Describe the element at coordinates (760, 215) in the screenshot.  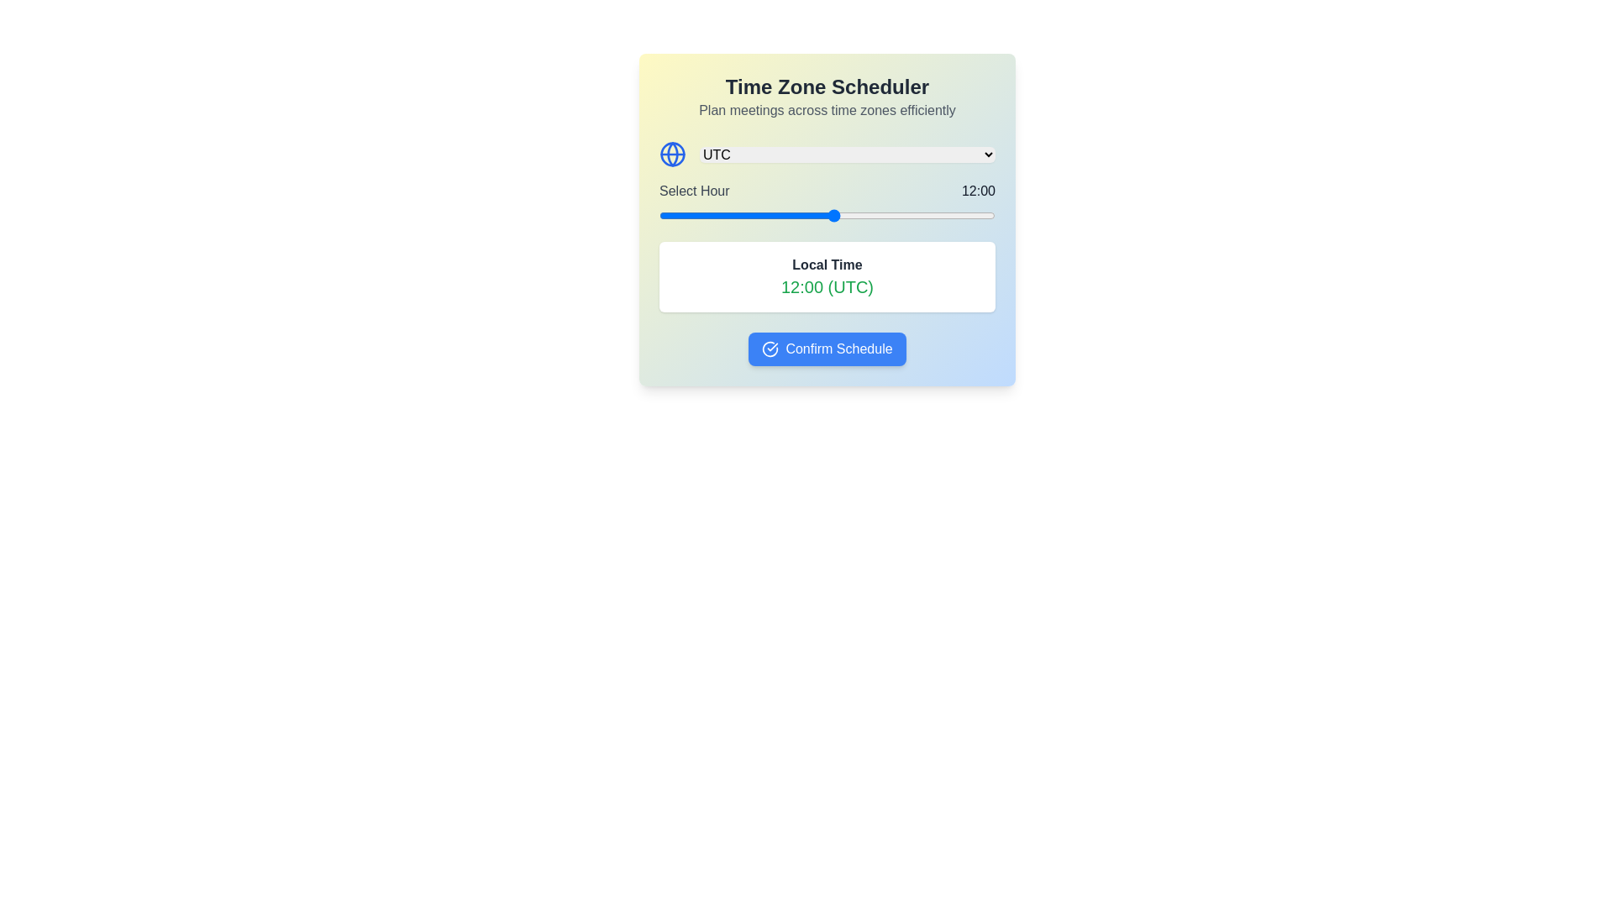
I see `the hour` at that location.